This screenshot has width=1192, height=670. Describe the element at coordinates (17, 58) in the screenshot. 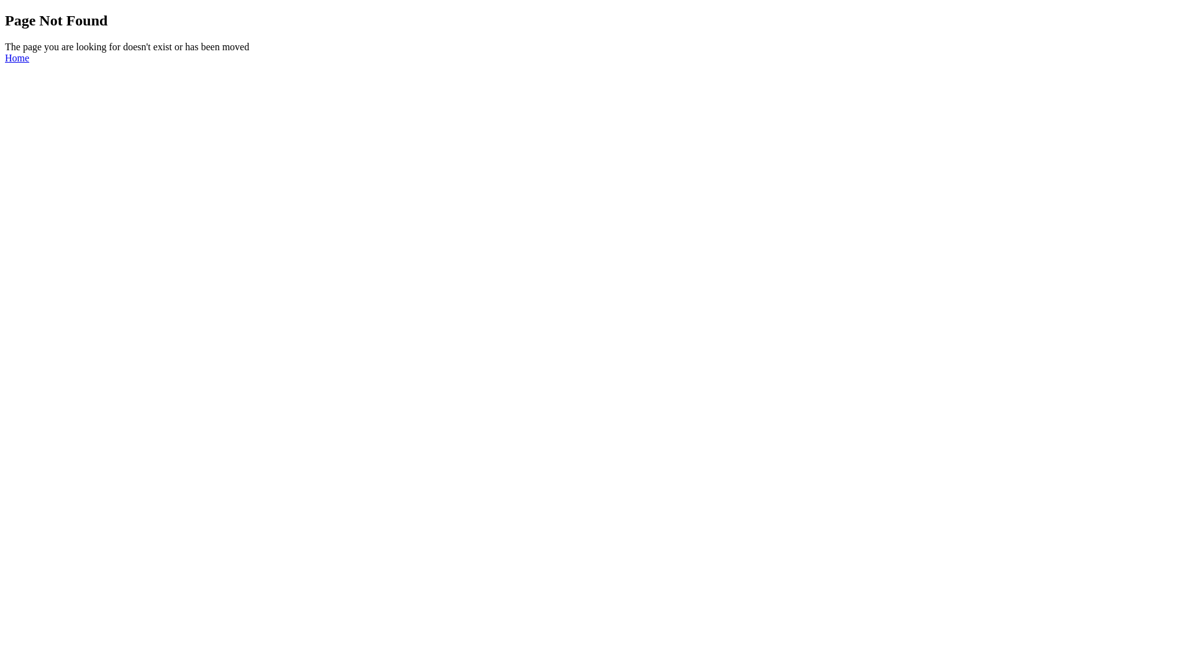

I see `'Home'` at that location.